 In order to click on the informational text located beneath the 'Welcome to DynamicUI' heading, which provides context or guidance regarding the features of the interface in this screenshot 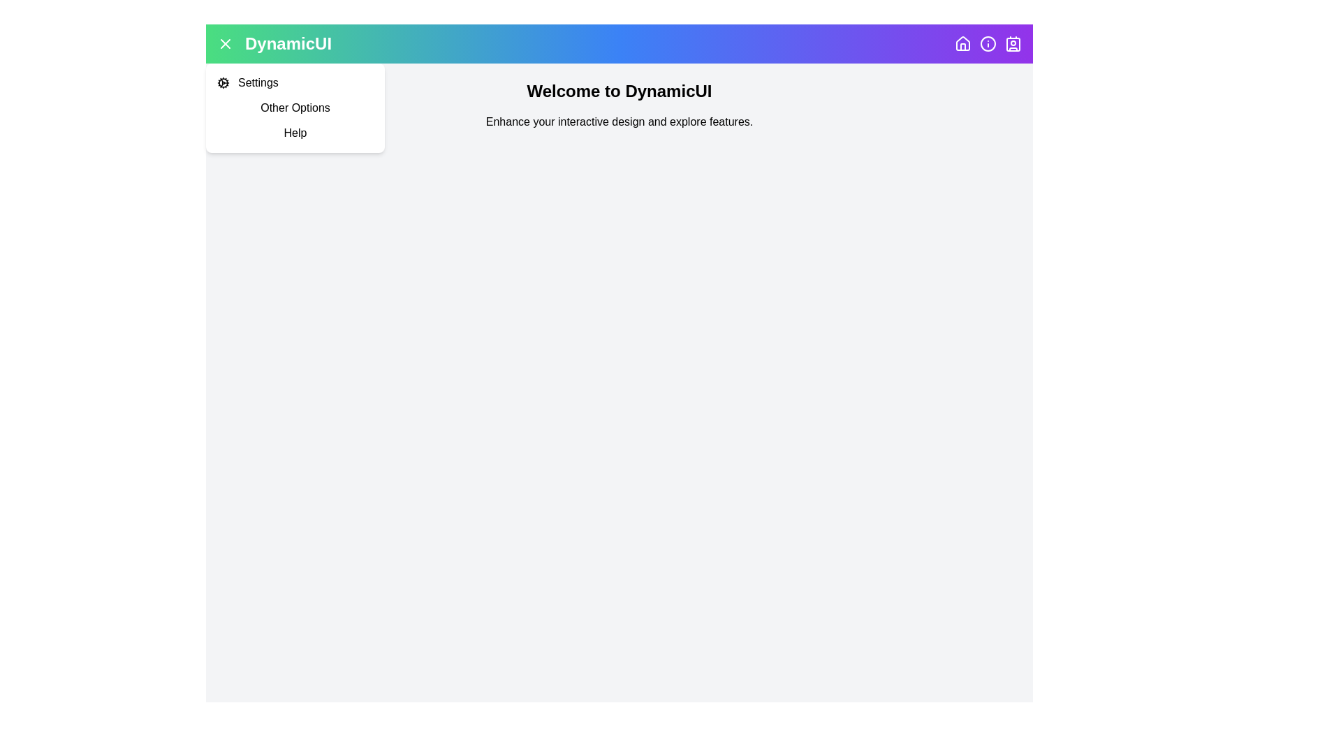, I will do `click(619, 121)`.